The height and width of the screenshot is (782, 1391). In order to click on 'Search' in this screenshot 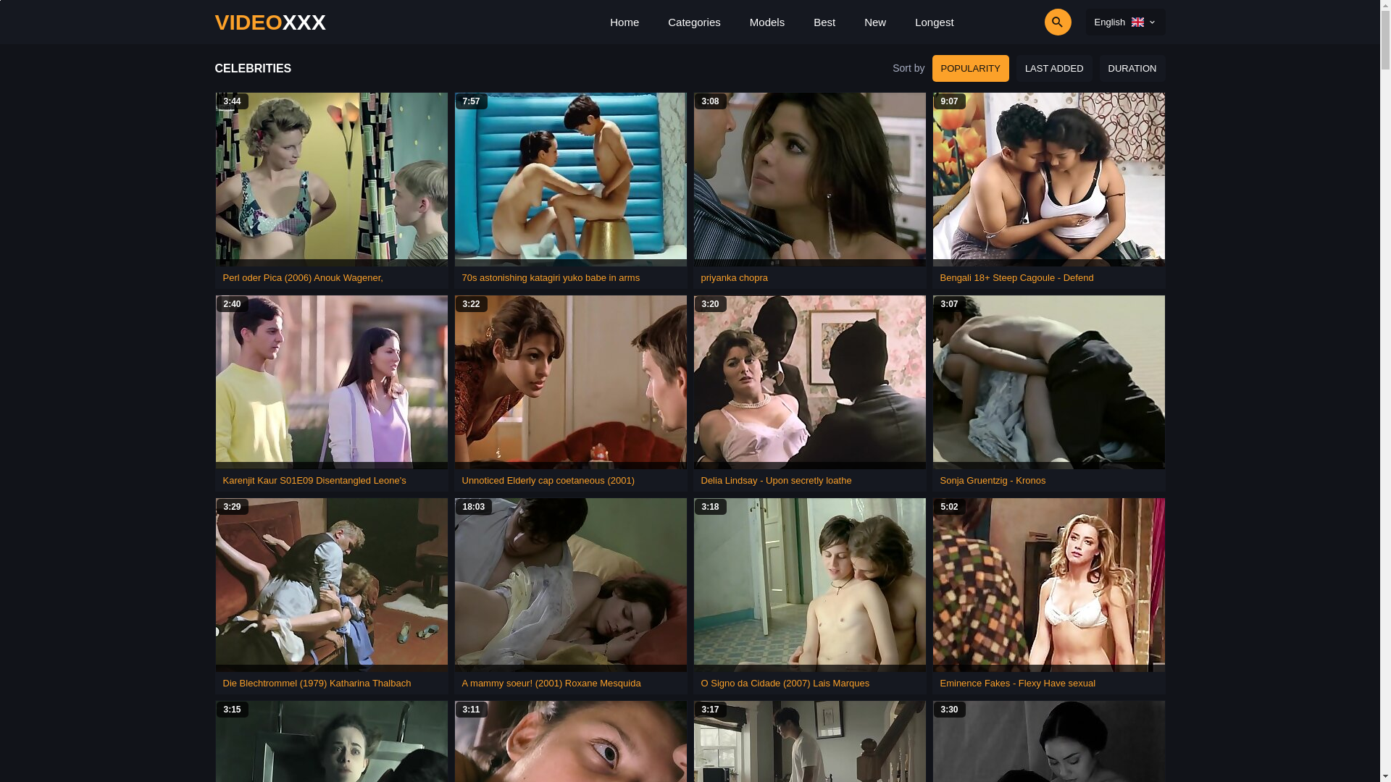, I will do `click(1016, 22)`.